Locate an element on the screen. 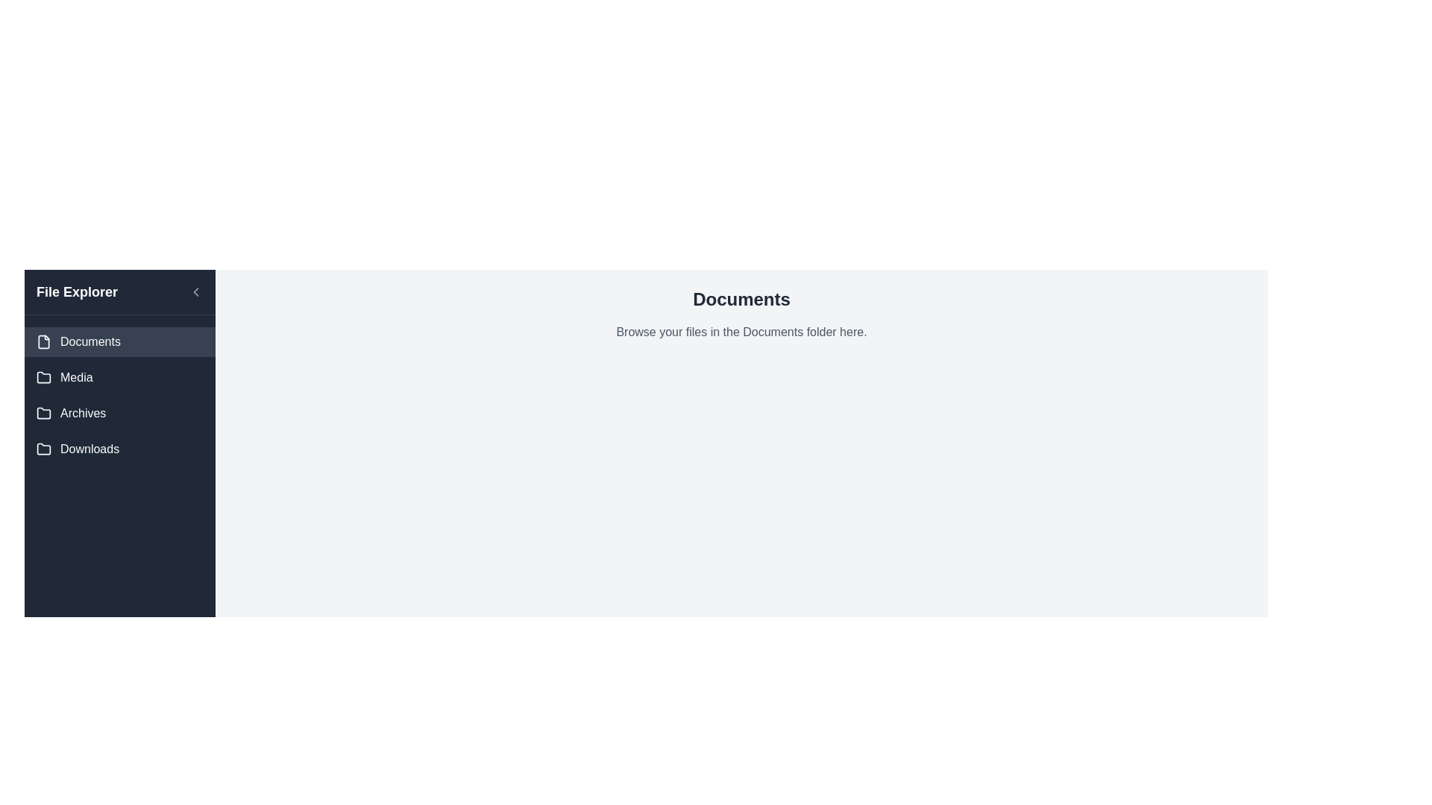 This screenshot has width=1432, height=805. the small grayish document icon located to the left of the 'Documents' label in the sidebar is located at coordinates (43, 342).